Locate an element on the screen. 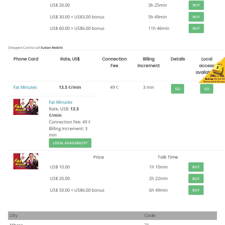 This screenshot has width=225, height=225. 'Sudan-Mobile' is located at coordinates (51, 47).